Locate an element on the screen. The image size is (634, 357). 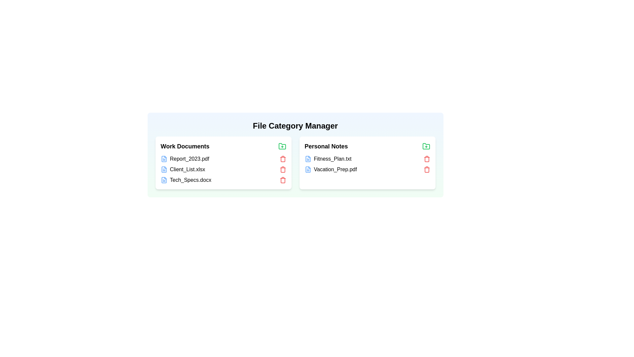
trash icon next to the file Fitness_Plan.txt in the category Personal Notes is located at coordinates (427, 159).